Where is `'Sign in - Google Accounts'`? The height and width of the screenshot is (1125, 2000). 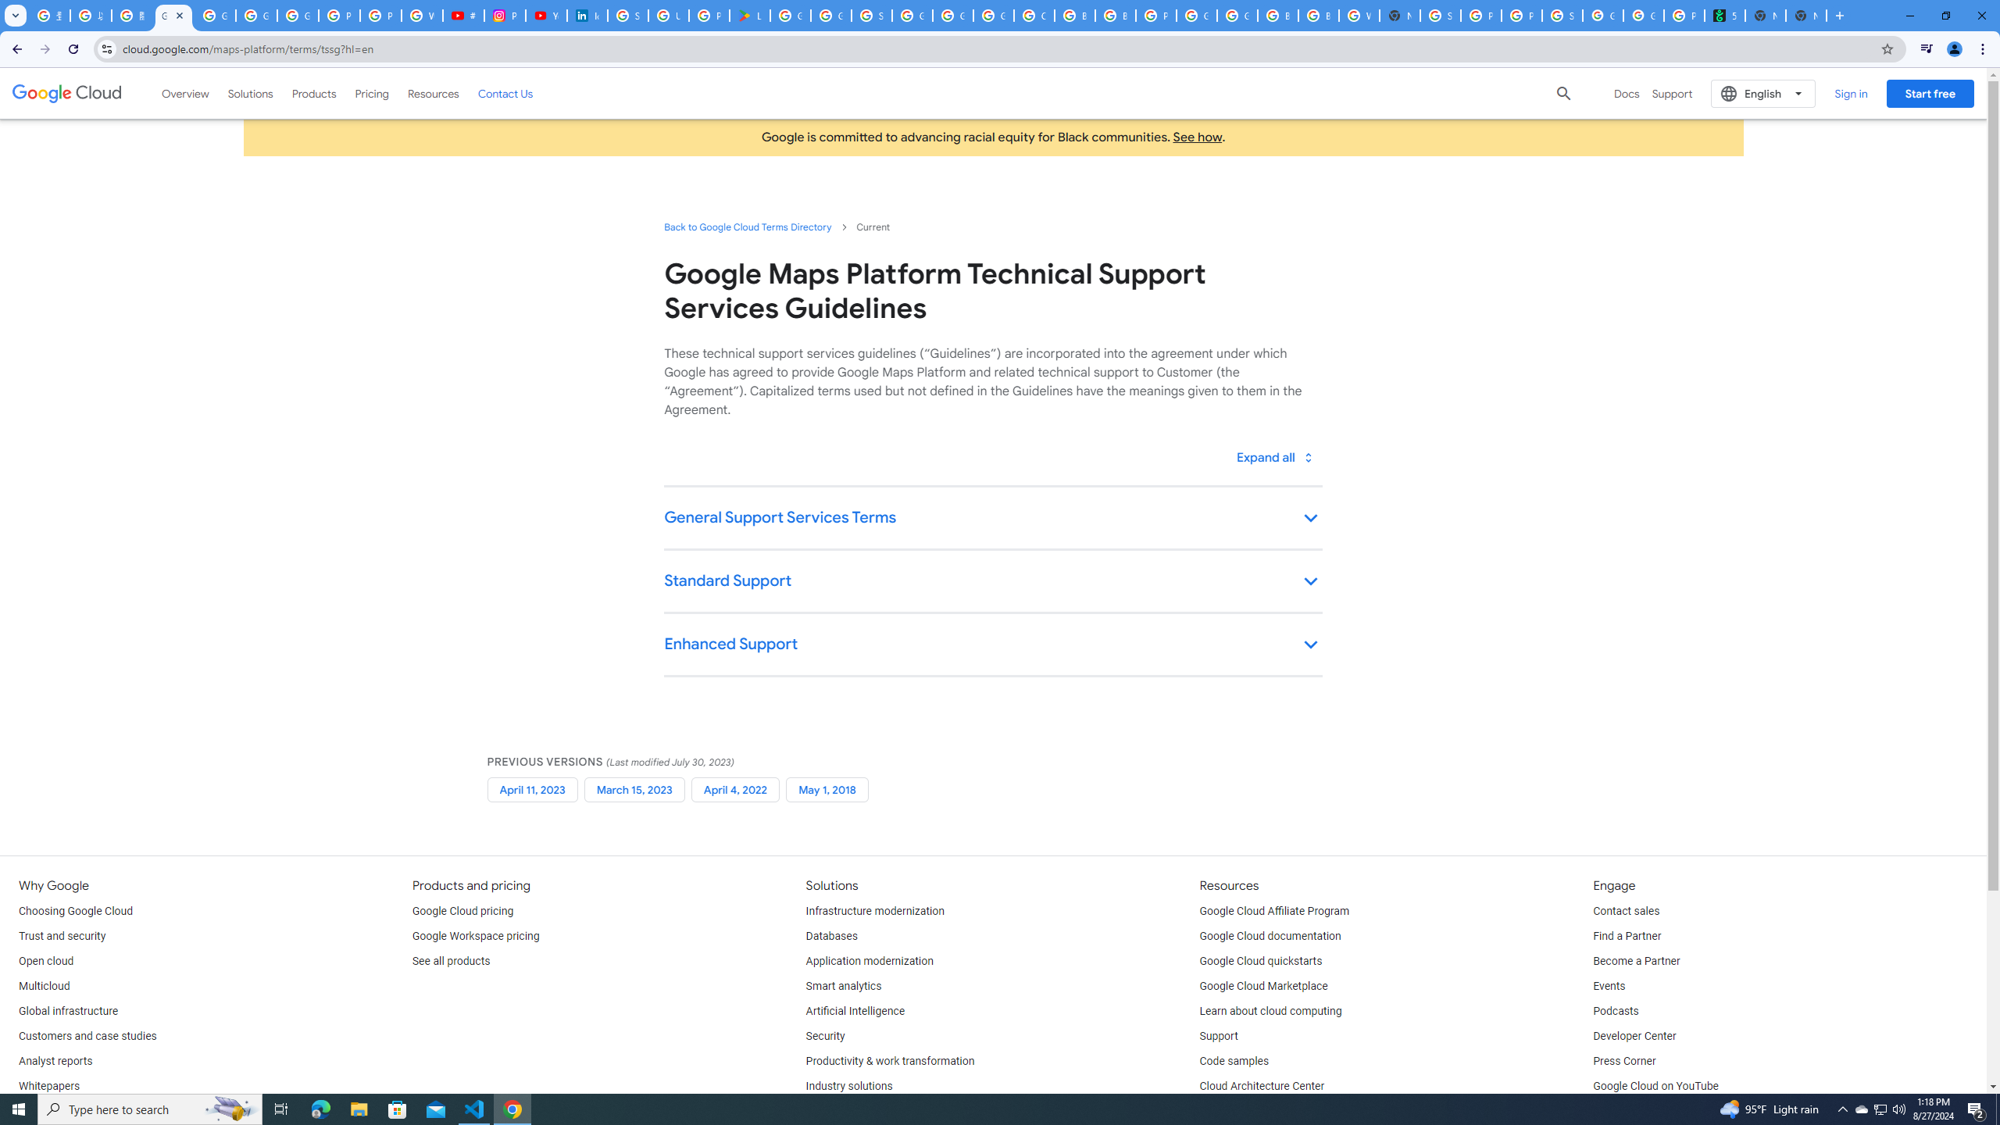 'Sign in - Google Accounts' is located at coordinates (872, 15).